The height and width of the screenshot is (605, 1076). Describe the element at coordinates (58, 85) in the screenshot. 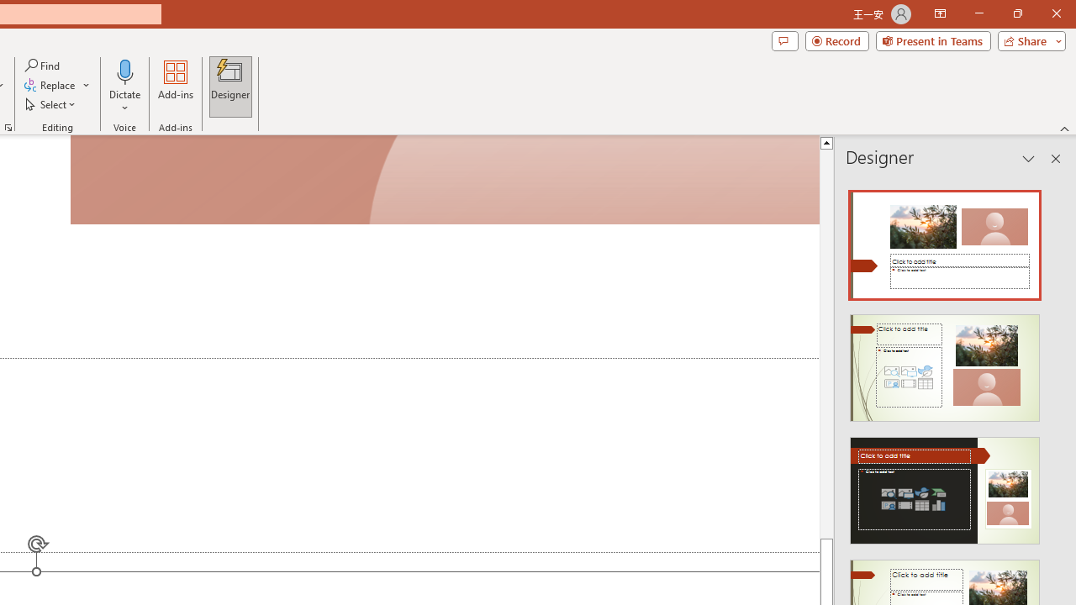

I see `'Replace...'` at that location.